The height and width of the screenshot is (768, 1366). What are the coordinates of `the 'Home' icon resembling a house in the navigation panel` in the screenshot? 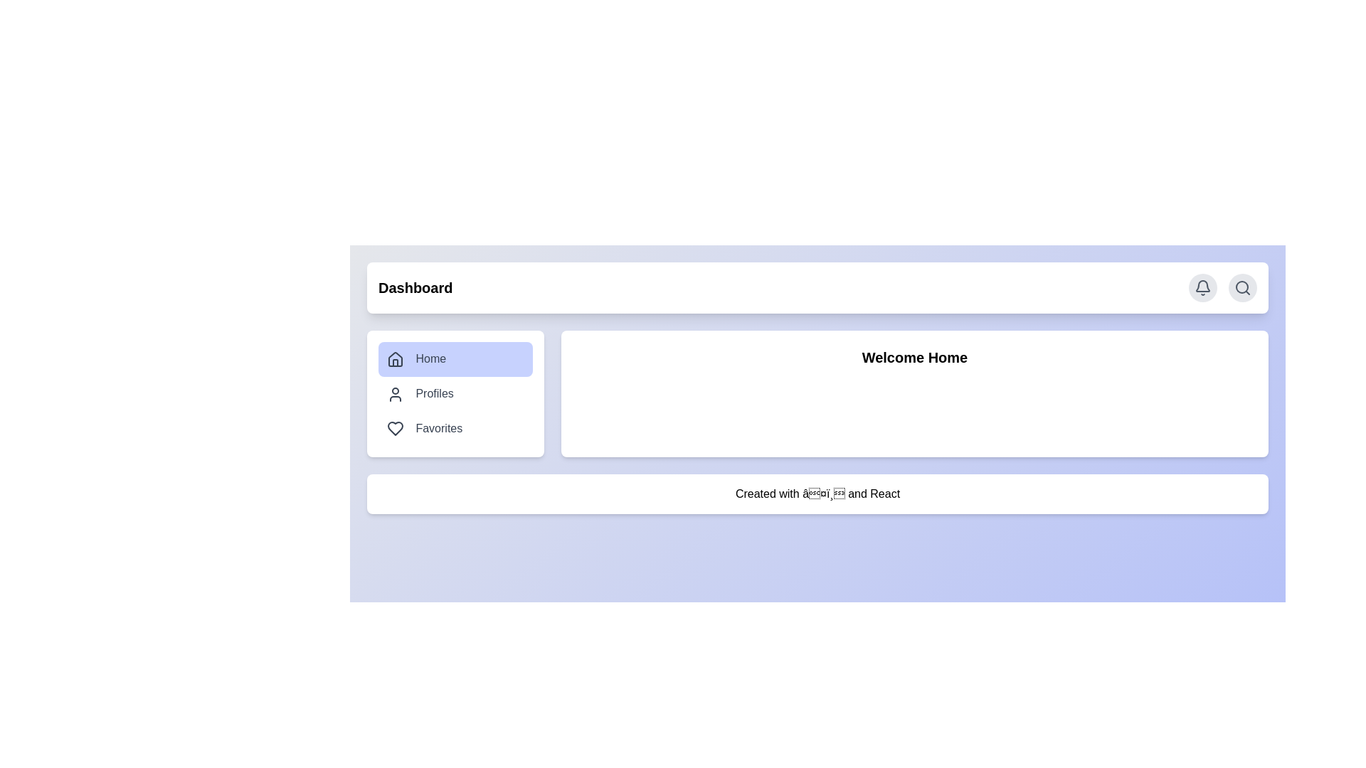 It's located at (396, 358).